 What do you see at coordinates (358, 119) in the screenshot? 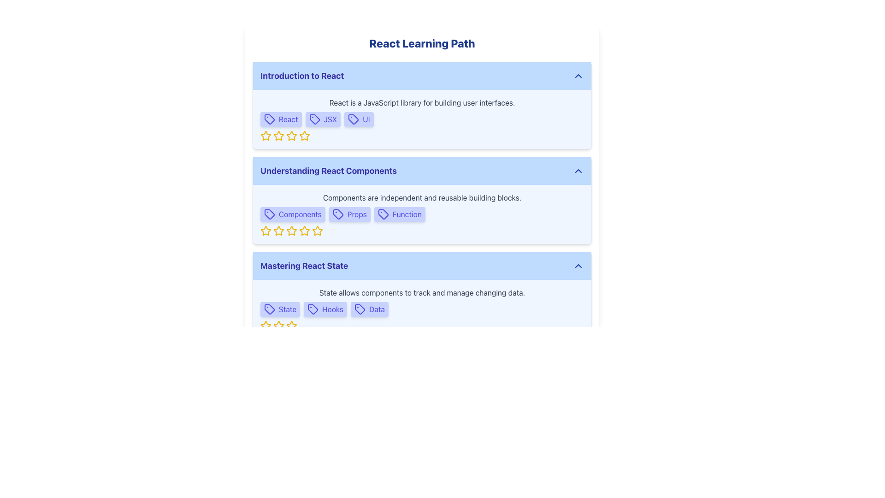
I see `the third tag labeled 'UI' with a rounded indigo background located below the 'Introduction to React' section` at bounding box center [358, 119].